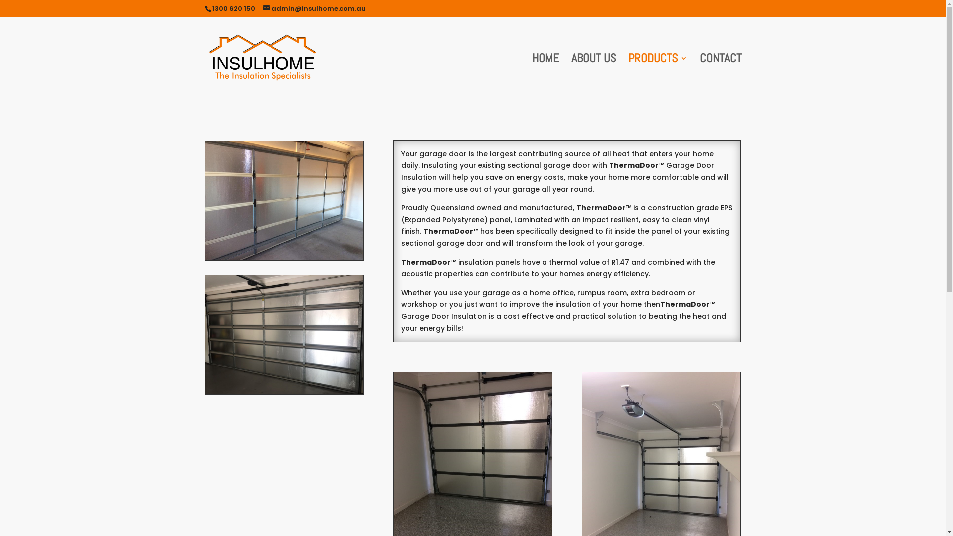  Describe the element at coordinates (720, 76) in the screenshot. I see `'CONTACT'` at that location.